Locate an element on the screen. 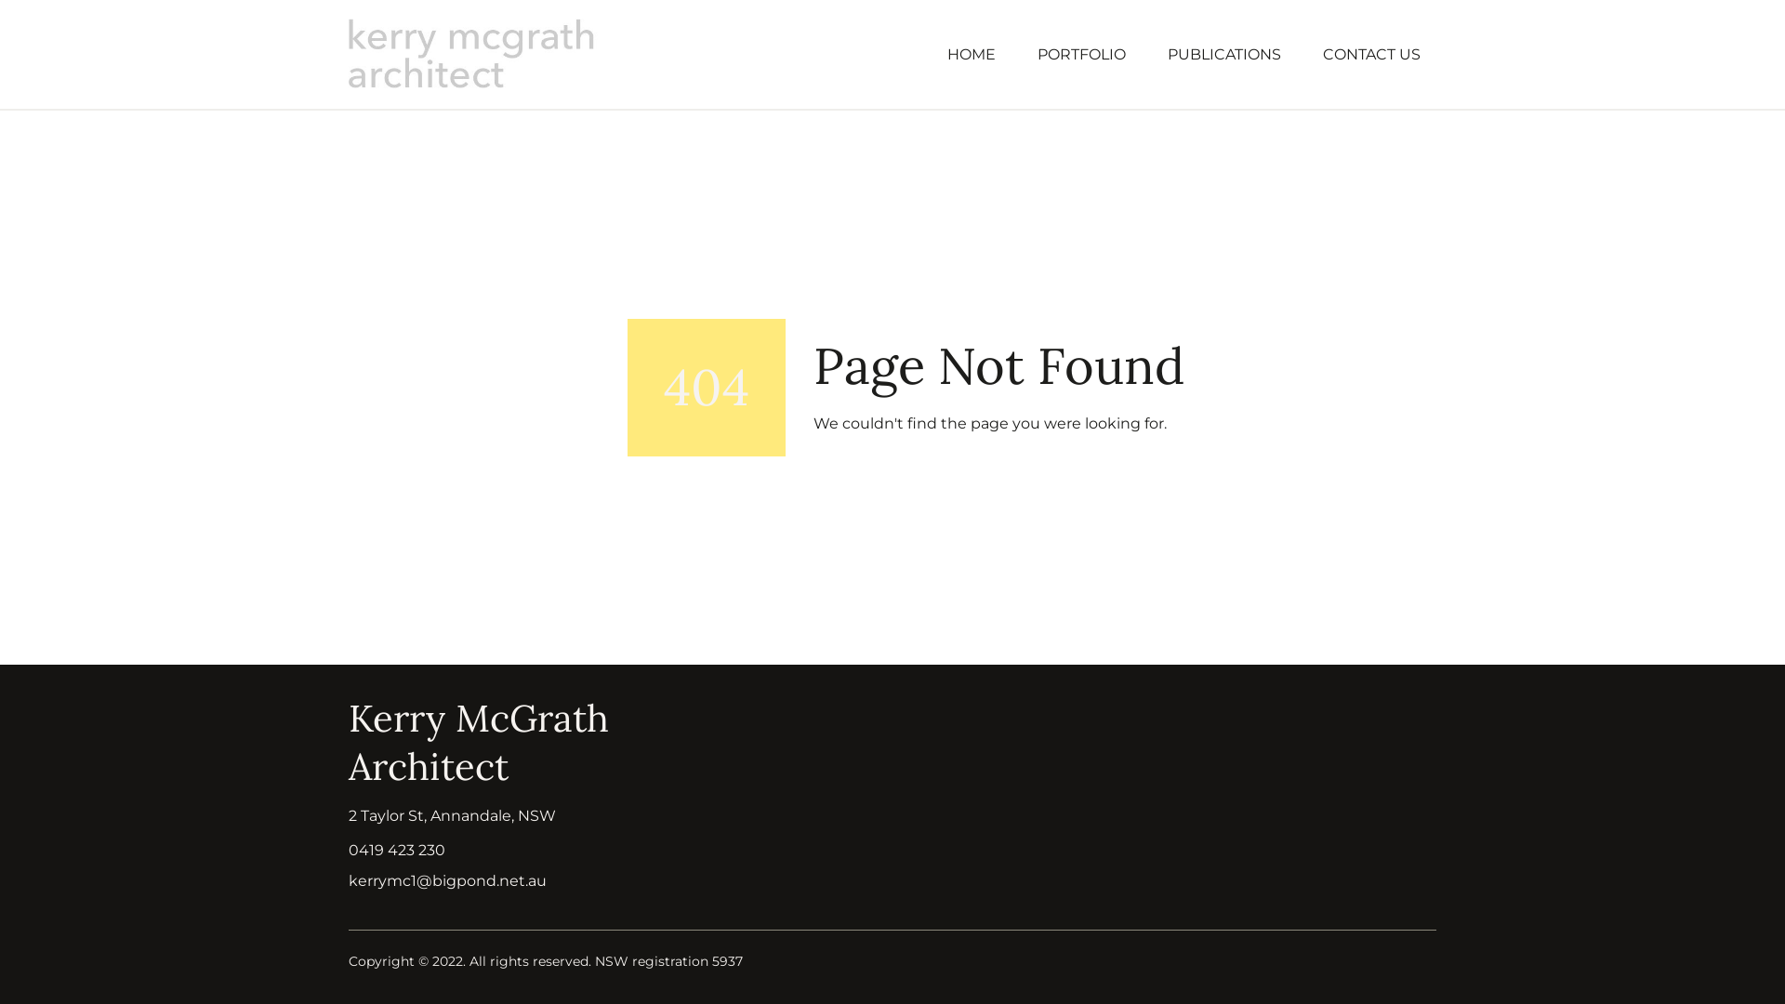 The image size is (1785, 1004). 'PORTFOLIO' is located at coordinates (1080, 52).